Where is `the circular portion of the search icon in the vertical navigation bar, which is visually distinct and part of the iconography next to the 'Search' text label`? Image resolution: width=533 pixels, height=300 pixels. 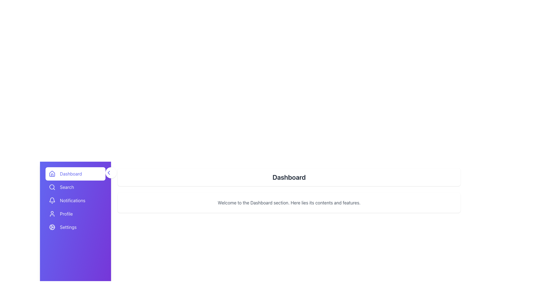 the circular portion of the search icon in the vertical navigation bar, which is visually distinct and part of the iconography next to the 'Search' text label is located at coordinates (52, 187).